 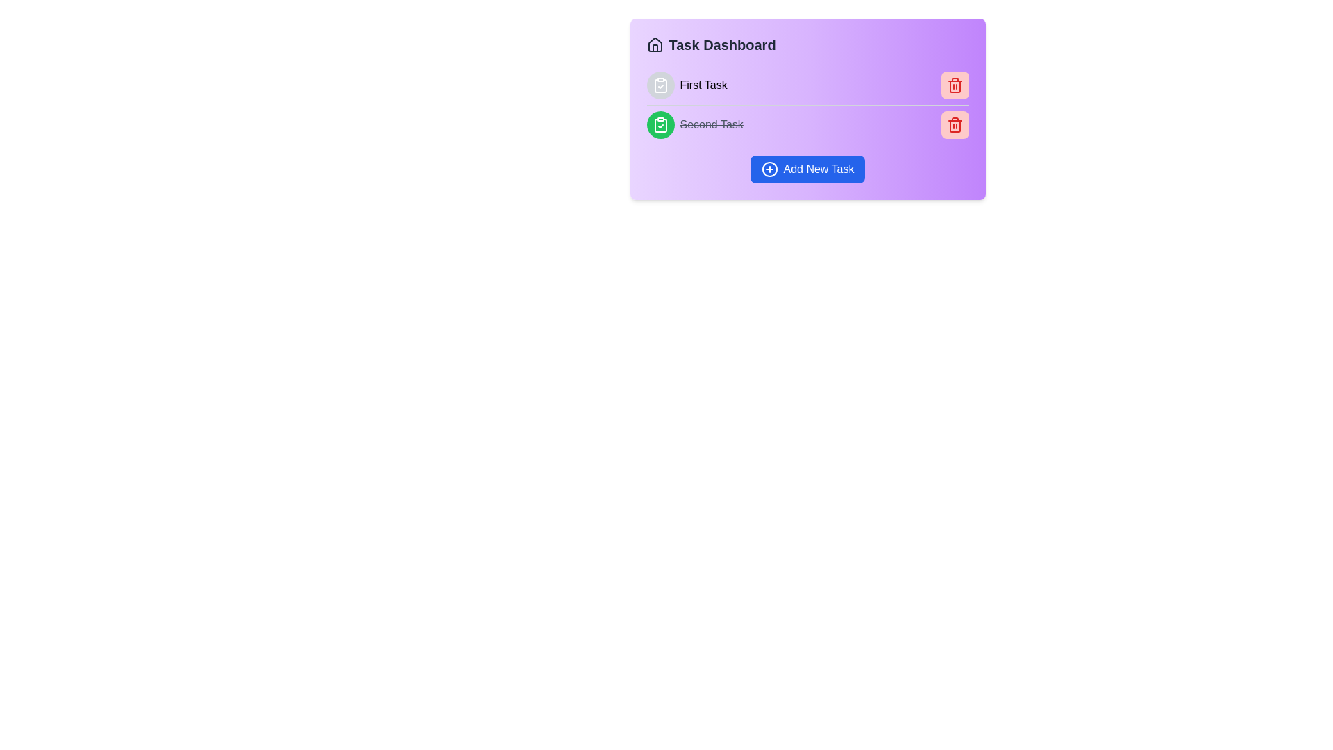 What do you see at coordinates (660, 85) in the screenshot?
I see `the clipboard icon with a checkmark, which is located on the left side of the second task entry in the task list of the task dashboard interface` at bounding box center [660, 85].